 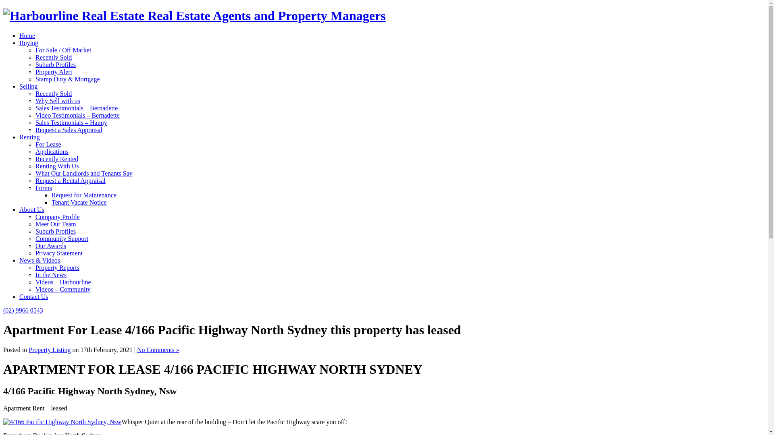 I want to click on 'Property Listing', so click(x=29, y=349).